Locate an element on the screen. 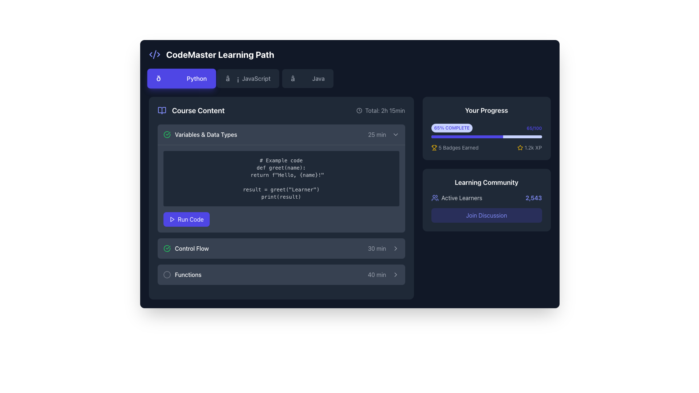 The height and width of the screenshot is (393, 699). the outer boundary of the clock icon, which is an SVG graphic component indicating timing-related information is located at coordinates (359, 111).